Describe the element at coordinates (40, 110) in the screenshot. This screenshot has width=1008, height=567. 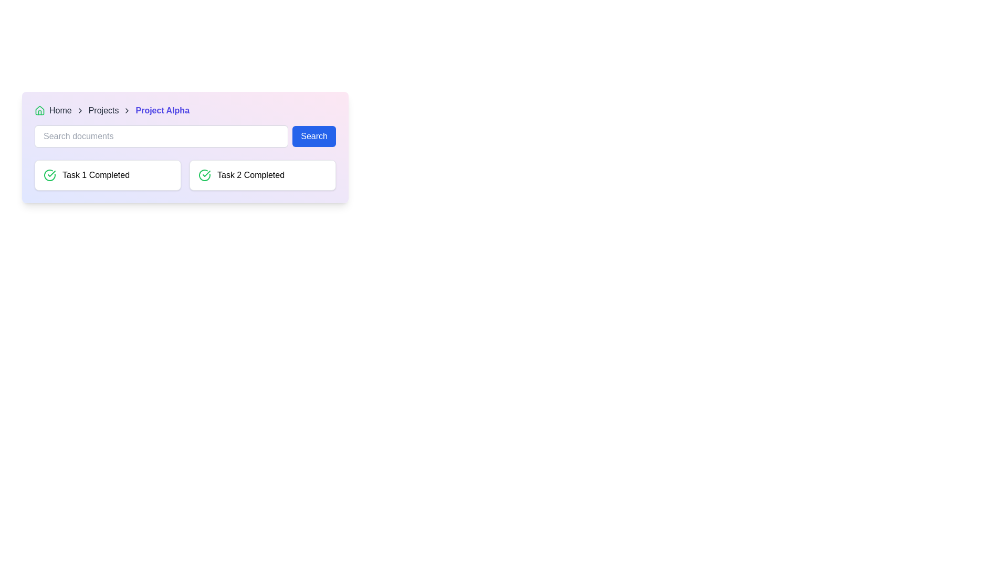
I see `the 'Home' icon located in the leftmost segment of the navigation bar, which serves` at that location.